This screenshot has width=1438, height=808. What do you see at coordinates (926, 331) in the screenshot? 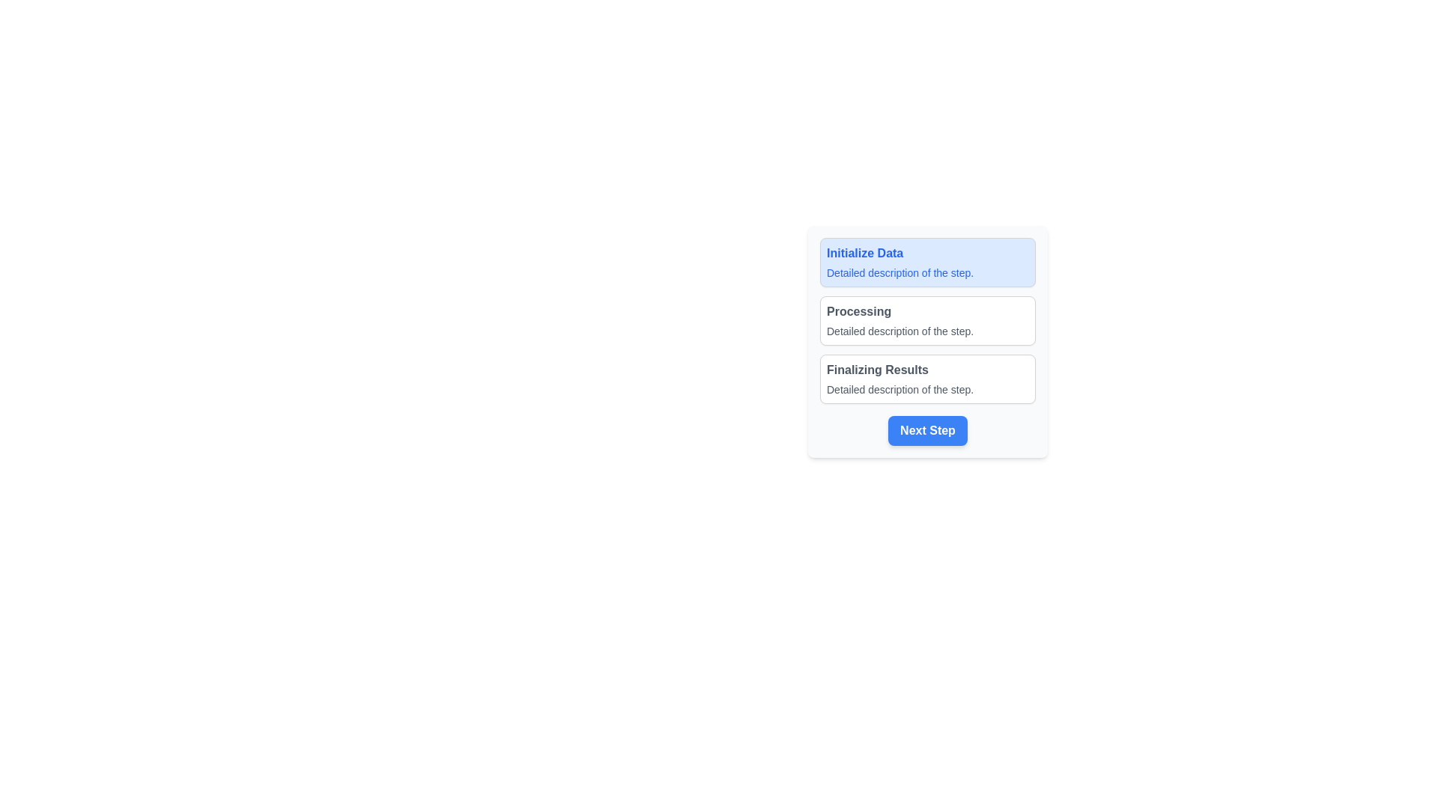
I see `the static text element reading 'Detailed description of the step.' located in the 'Processing' section of the step sequence interface` at bounding box center [926, 331].